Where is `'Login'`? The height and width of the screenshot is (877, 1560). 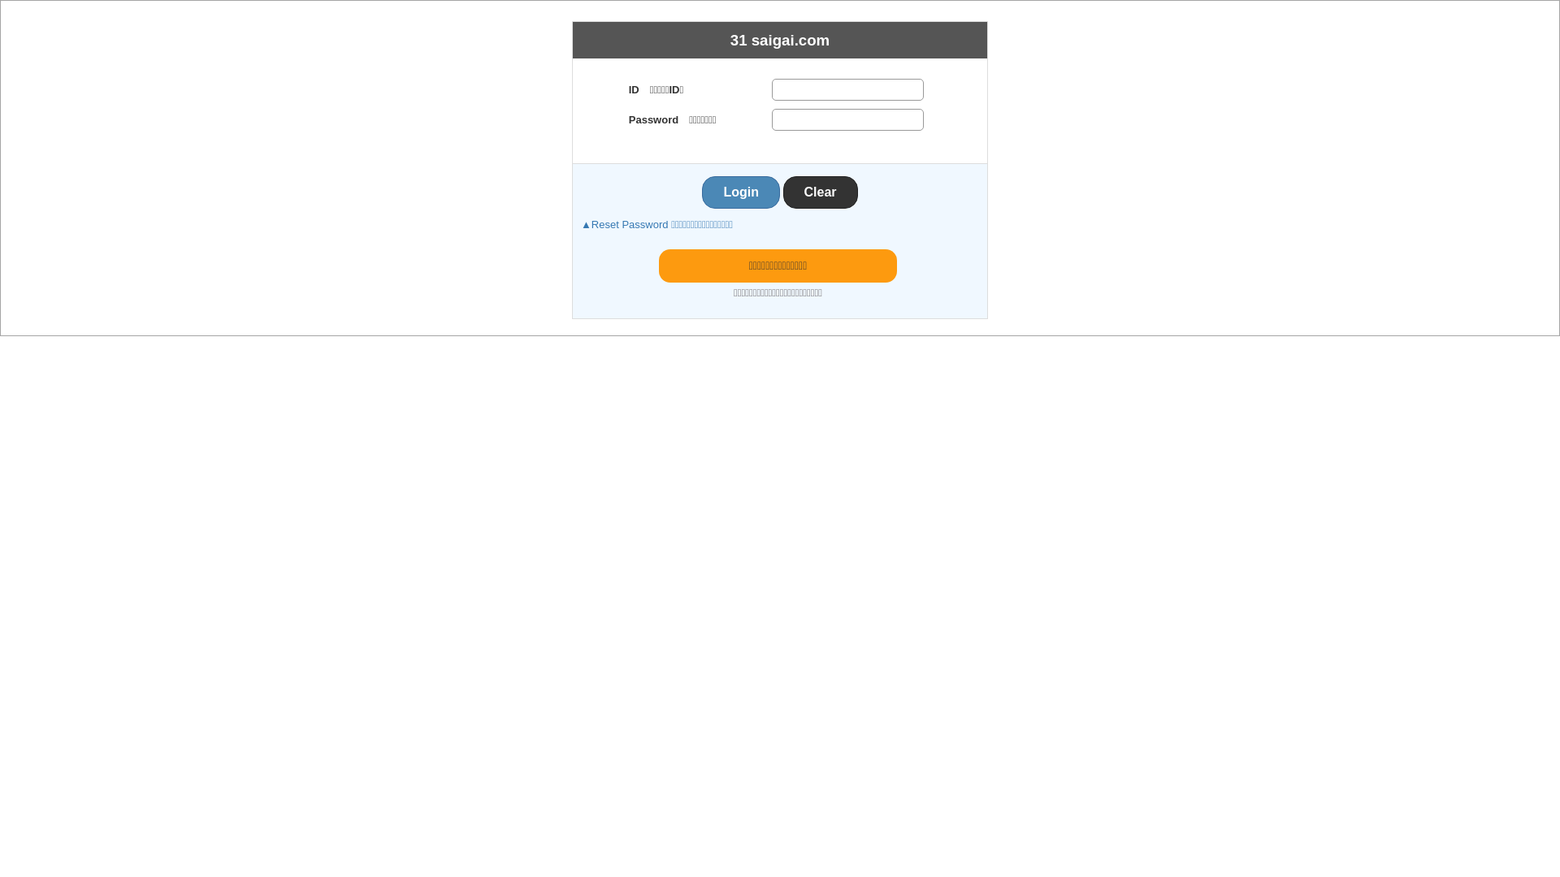 'Login' is located at coordinates (740, 191).